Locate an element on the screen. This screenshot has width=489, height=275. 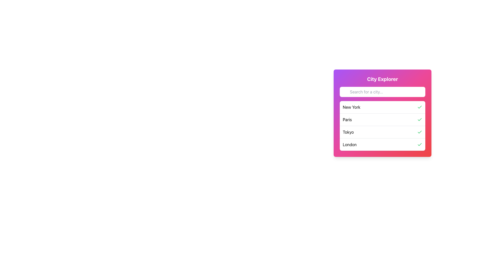
the magnifying glass icon that indicates the search functionality associated with the input field is located at coordinates (346, 93).